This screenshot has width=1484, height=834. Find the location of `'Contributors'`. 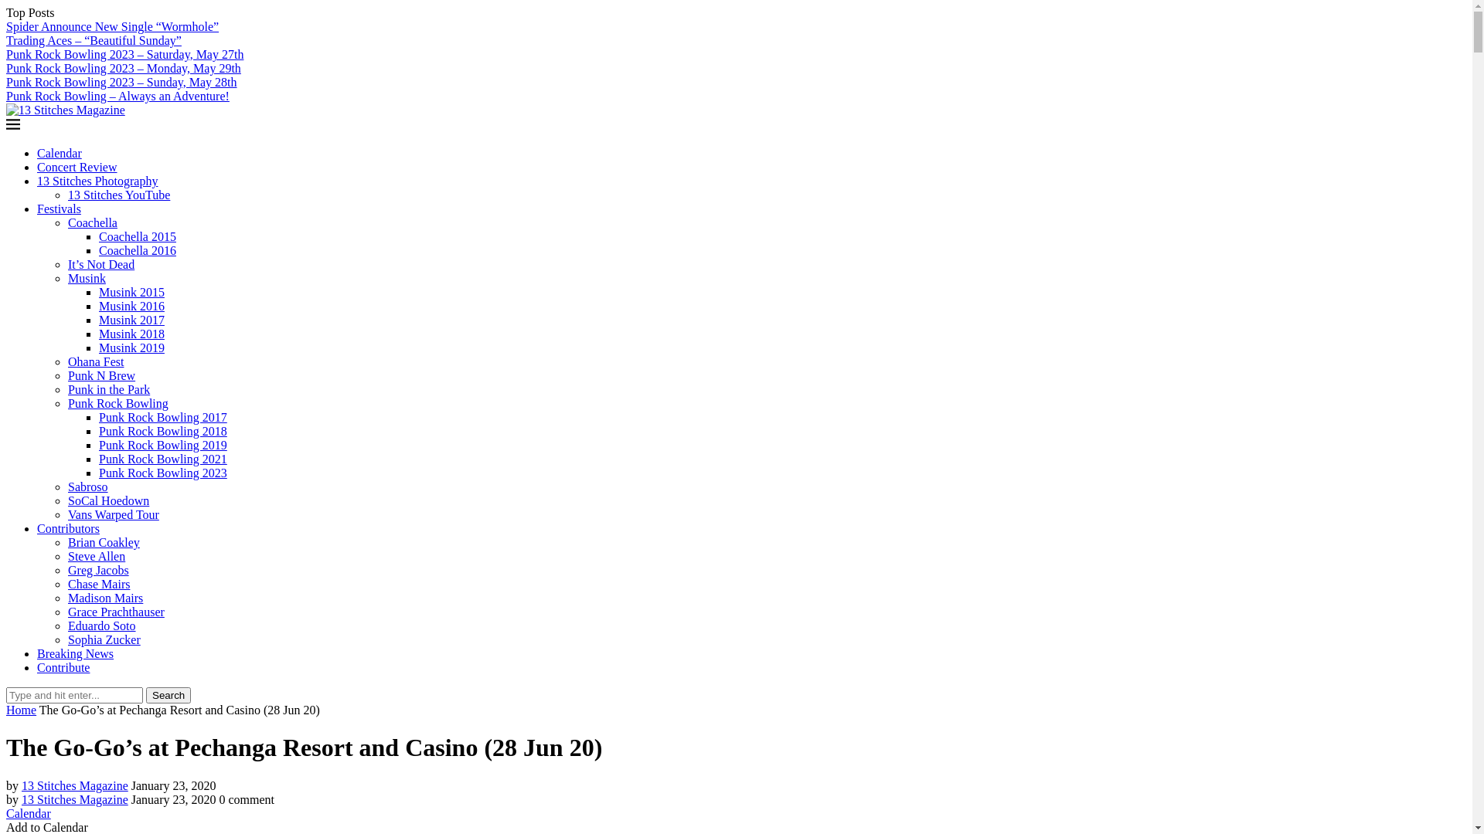

'Contributors' is located at coordinates (67, 527).